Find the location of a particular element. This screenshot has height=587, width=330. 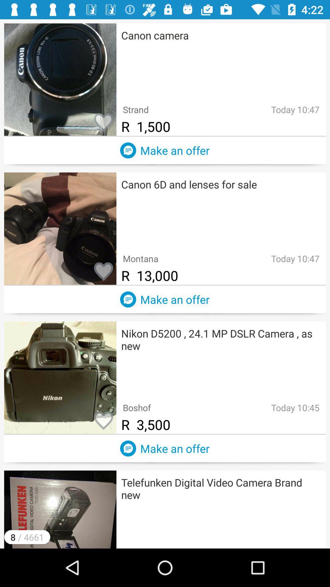

make an offer is located at coordinates (128, 150).